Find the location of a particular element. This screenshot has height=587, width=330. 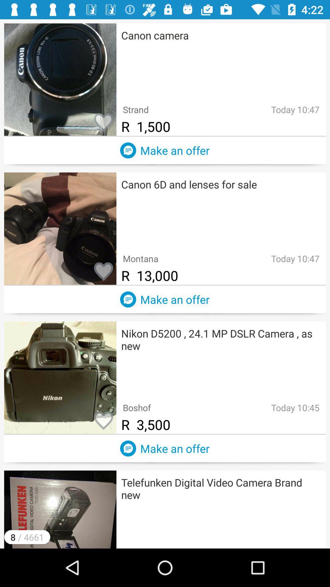

make an offer is located at coordinates (128, 150).